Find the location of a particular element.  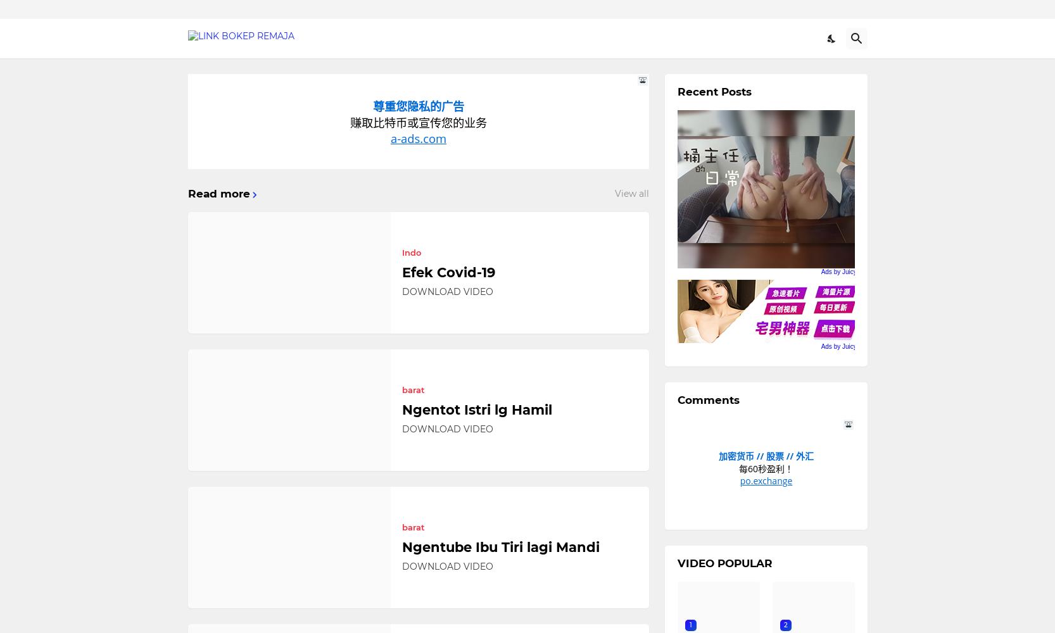

'2' is located at coordinates (785, 624).